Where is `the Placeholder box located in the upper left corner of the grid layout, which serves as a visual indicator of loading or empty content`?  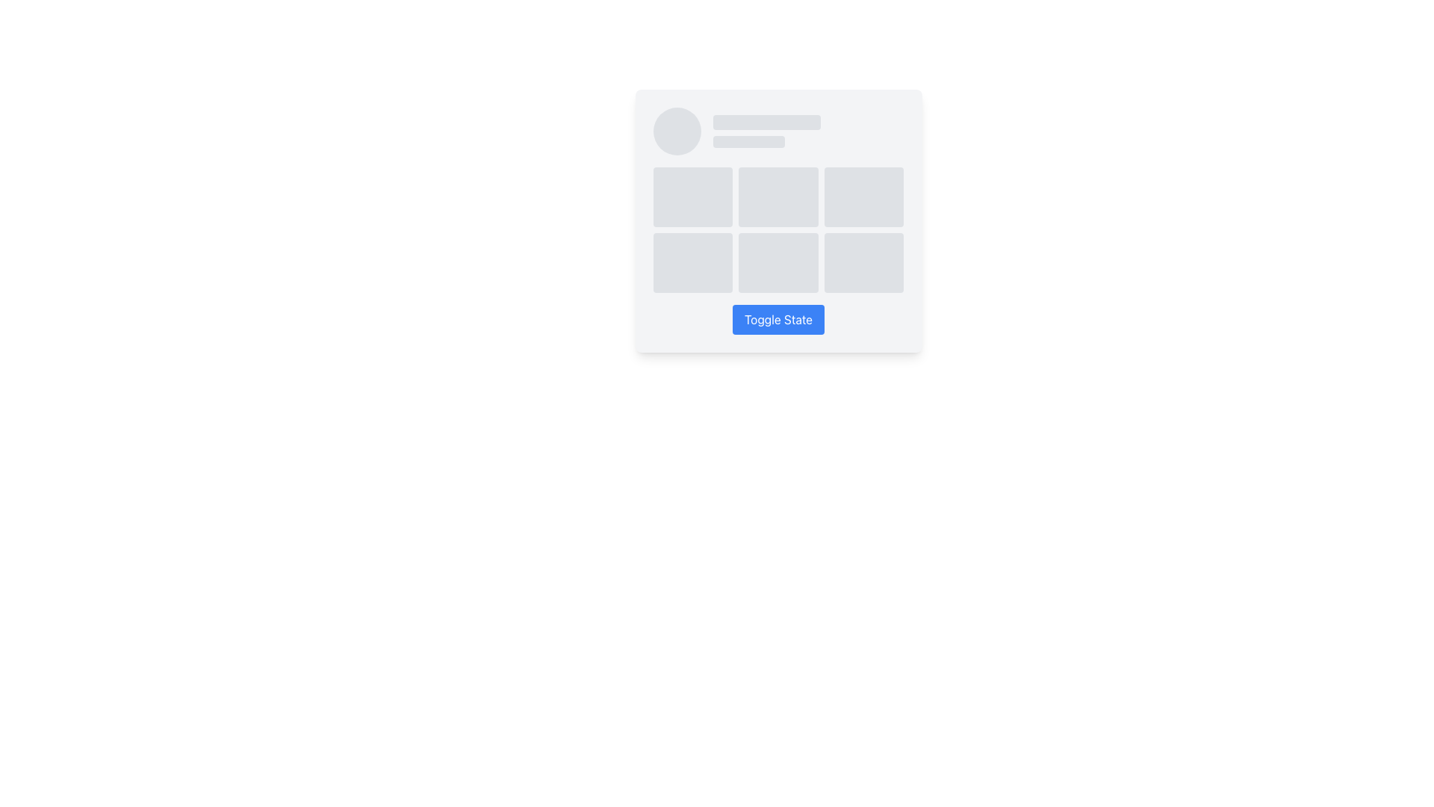 the Placeholder box located in the upper left corner of the grid layout, which serves as a visual indicator of loading or empty content is located at coordinates (692, 196).